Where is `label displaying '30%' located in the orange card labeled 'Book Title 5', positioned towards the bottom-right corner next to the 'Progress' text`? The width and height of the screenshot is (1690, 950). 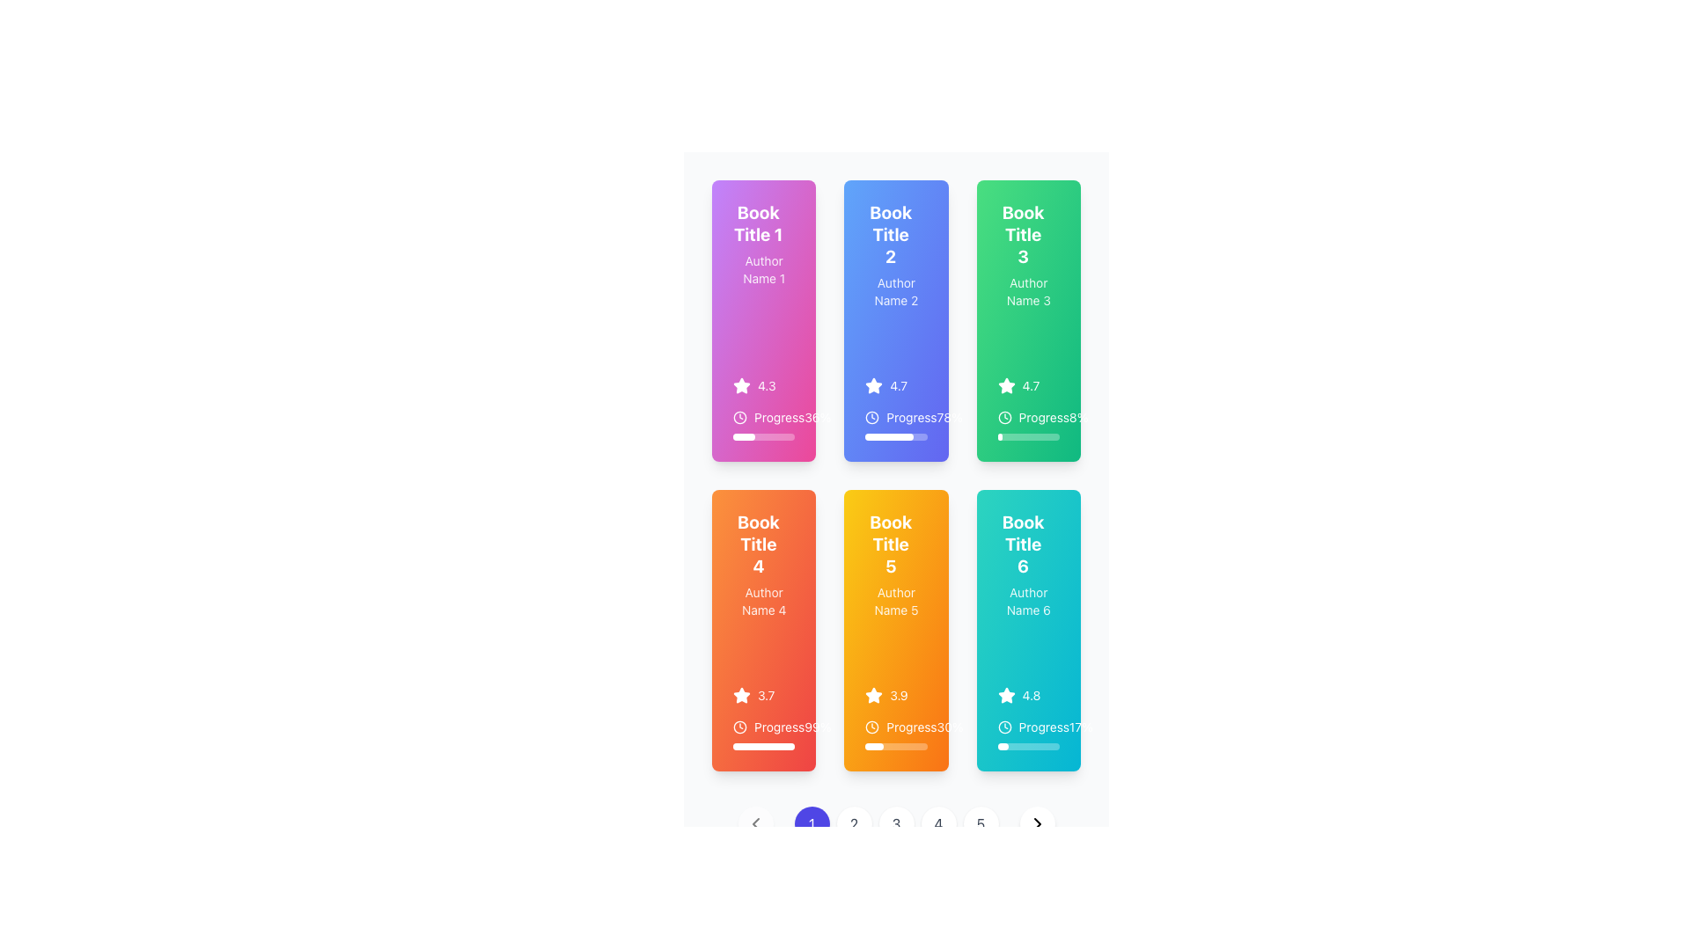 label displaying '30%' located in the orange card labeled 'Book Title 5', positioned towards the bottom-right corner next to the 'Progress' text is located at coordinates (949, 727).